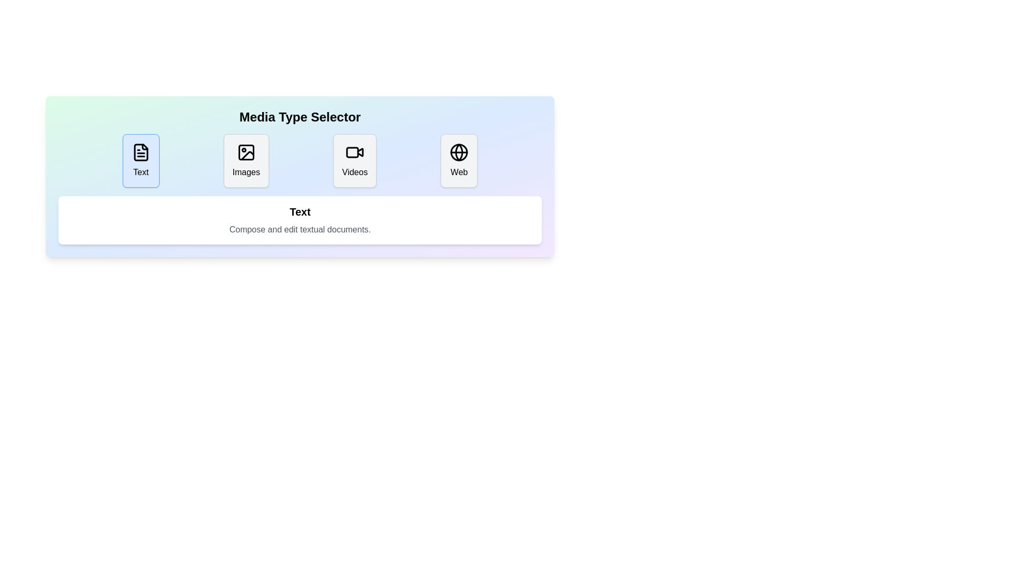 The height and width of the screenshot is (568, 1011). Describe the element at coordinates (300, 229) in the screenshot. I see `the Text Label that provides additional information about the 'Text' option, which is centrally placed below the 'Text' header` at that location.